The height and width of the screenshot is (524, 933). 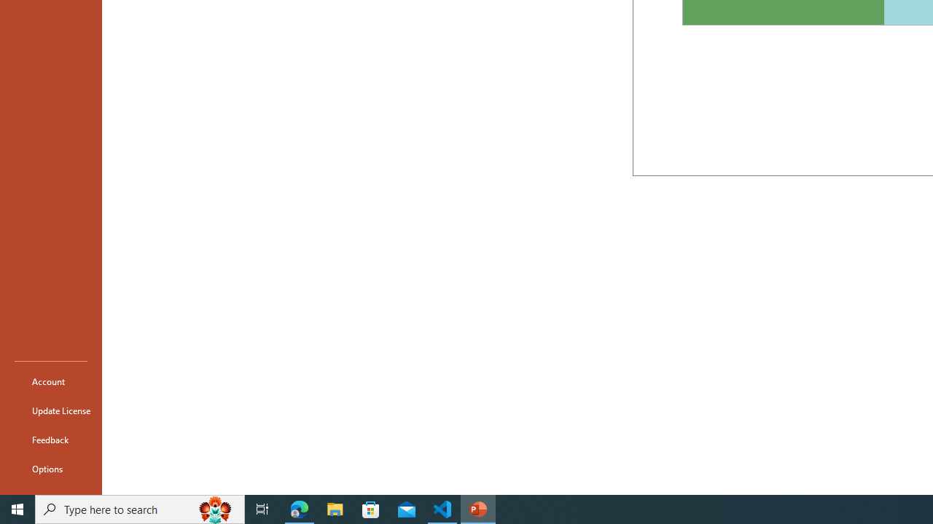 I want to click on 'Feedback', so click(x=50, y=439).